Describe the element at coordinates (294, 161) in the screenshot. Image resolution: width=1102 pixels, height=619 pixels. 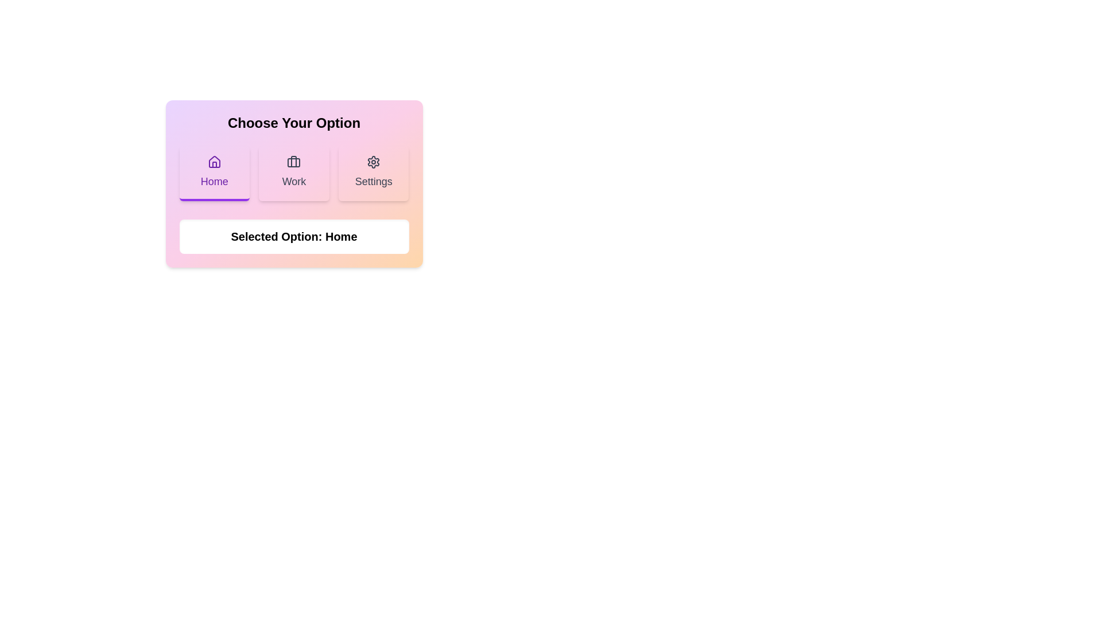
I see `the vertical divider of the briefcase icon in the 'Work' button located in the horizontal navigation bar under 'Choose Your Option'` at that location.